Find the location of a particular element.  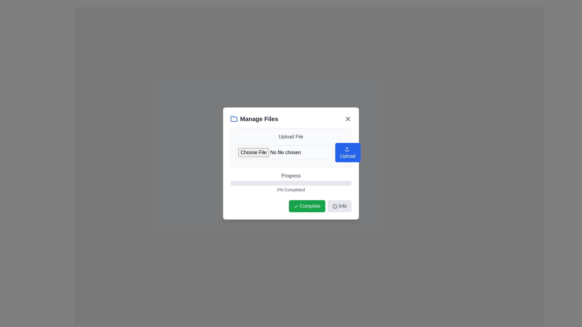

the empty progress bar located below the 'Progress' text and above the '0% Completed' text in the centered modal dialog is located at coordinates (291, 183).